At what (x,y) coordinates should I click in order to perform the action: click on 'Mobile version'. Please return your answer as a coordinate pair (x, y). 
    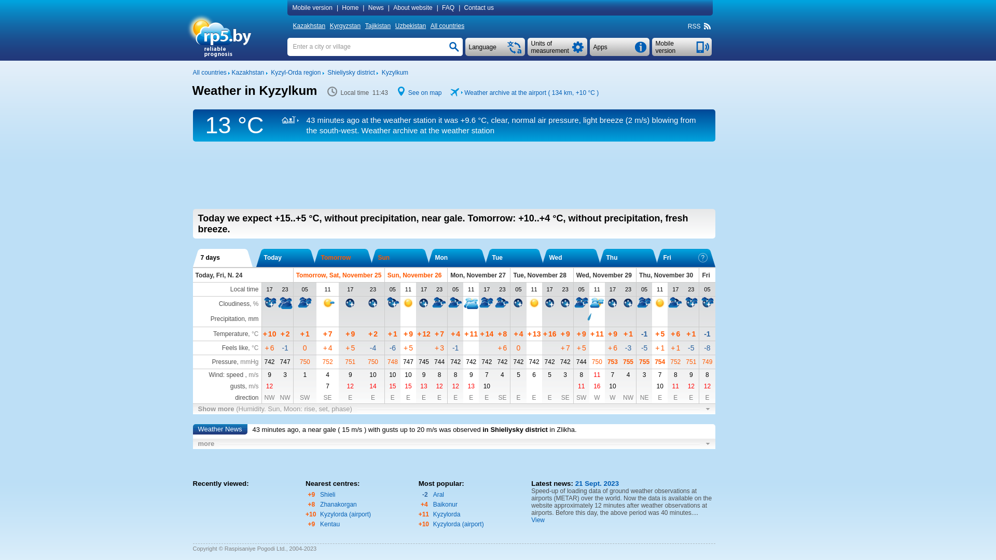
    Looking at the image, I should click on (313, 8).